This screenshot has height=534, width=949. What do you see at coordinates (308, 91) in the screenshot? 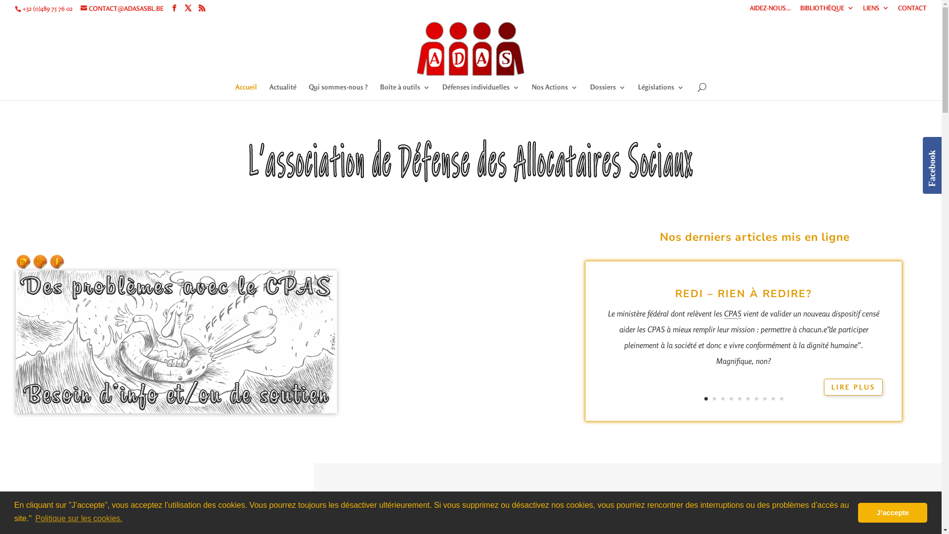
I see `'Qui sommes-nous ?'` at bounding box center [308, 91].